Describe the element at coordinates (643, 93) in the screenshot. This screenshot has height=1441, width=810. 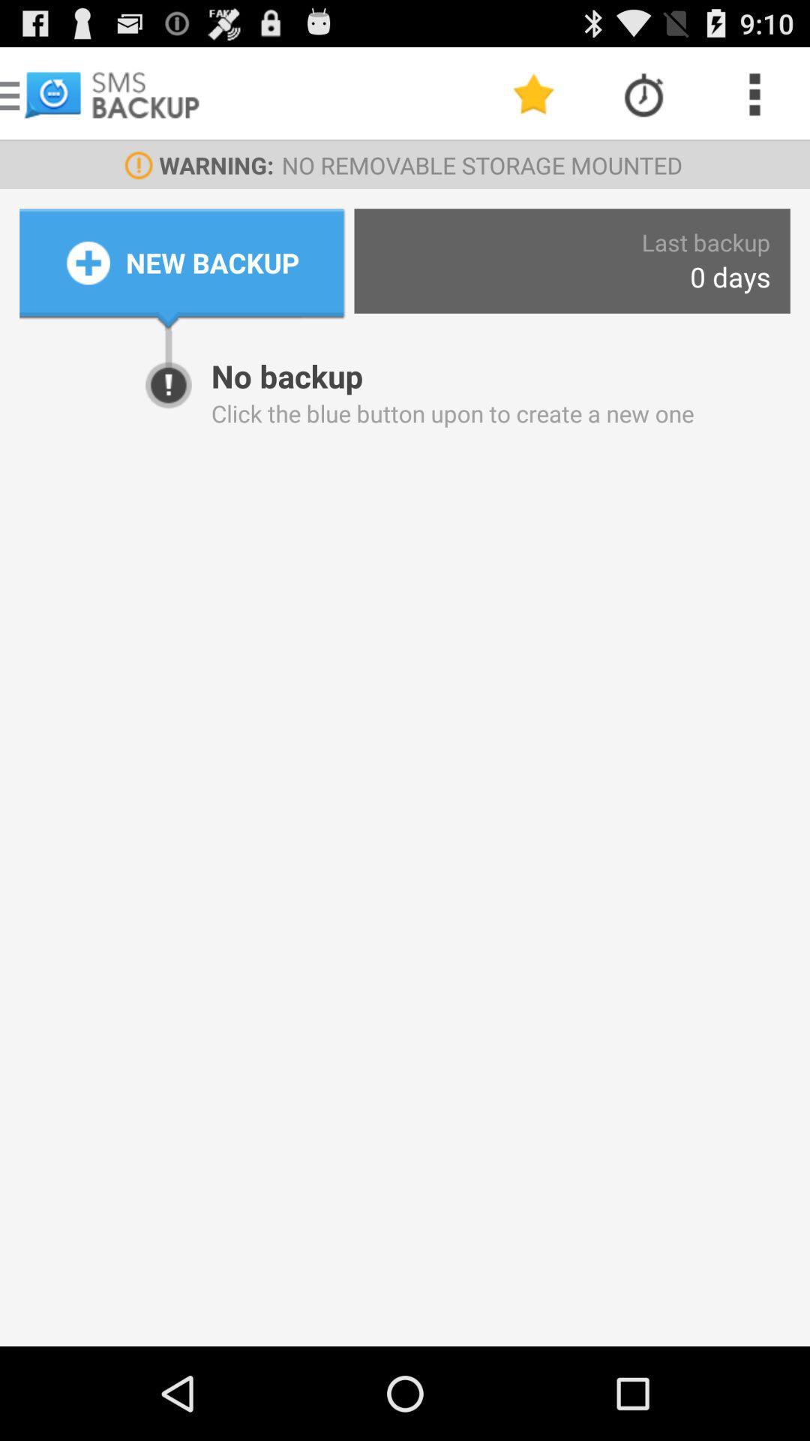
I see `the icon above the no removable storage icon` at that location.